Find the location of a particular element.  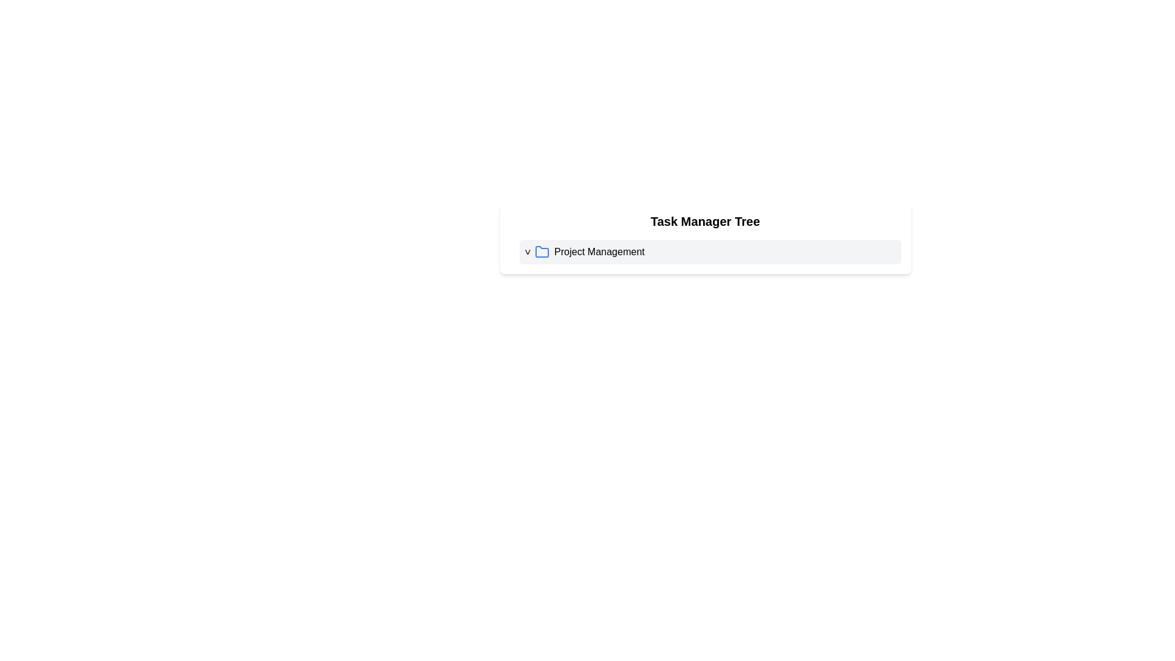

text of the label displaying 'Project Management', which is located to the right of a blue folder icon within a vertical tree structure is located at coordinates (599, 252).